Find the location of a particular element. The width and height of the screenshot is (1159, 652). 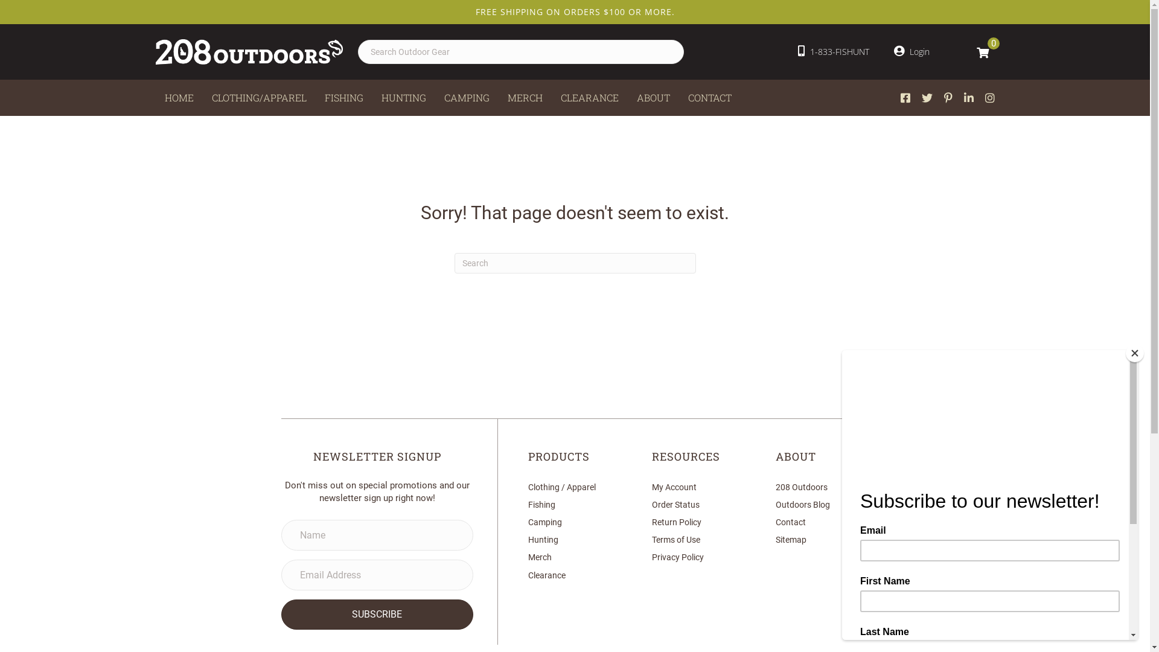

'1-833-FISHUNT' is located at coordinates (833, 51).